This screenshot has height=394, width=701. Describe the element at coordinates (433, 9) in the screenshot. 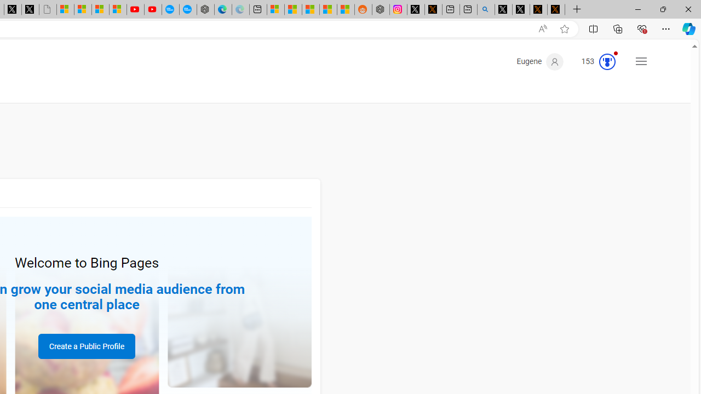

I see `'help.x.com | 524: A timeout occurred'` at that location.